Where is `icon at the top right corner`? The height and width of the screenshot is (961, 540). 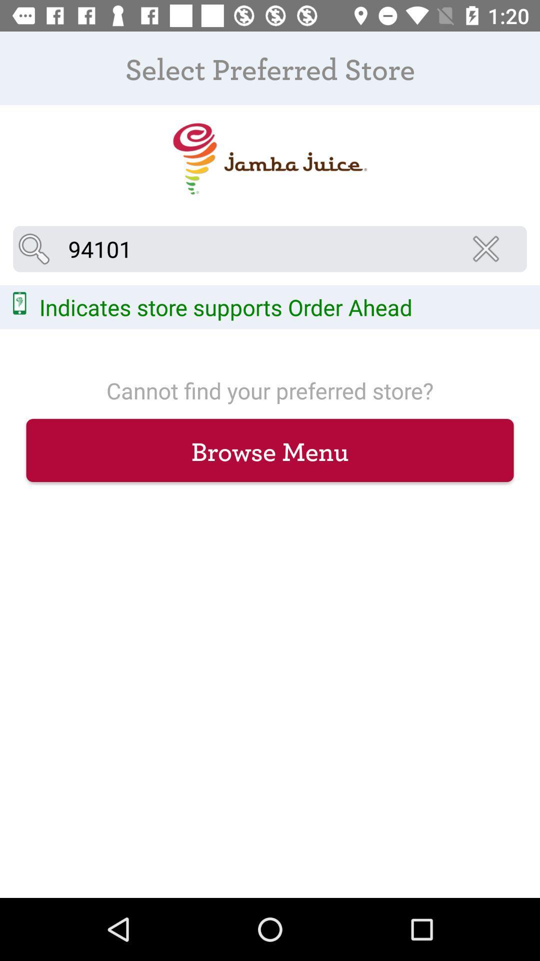
icon at the top right corner is located at coordinates (488, 249).